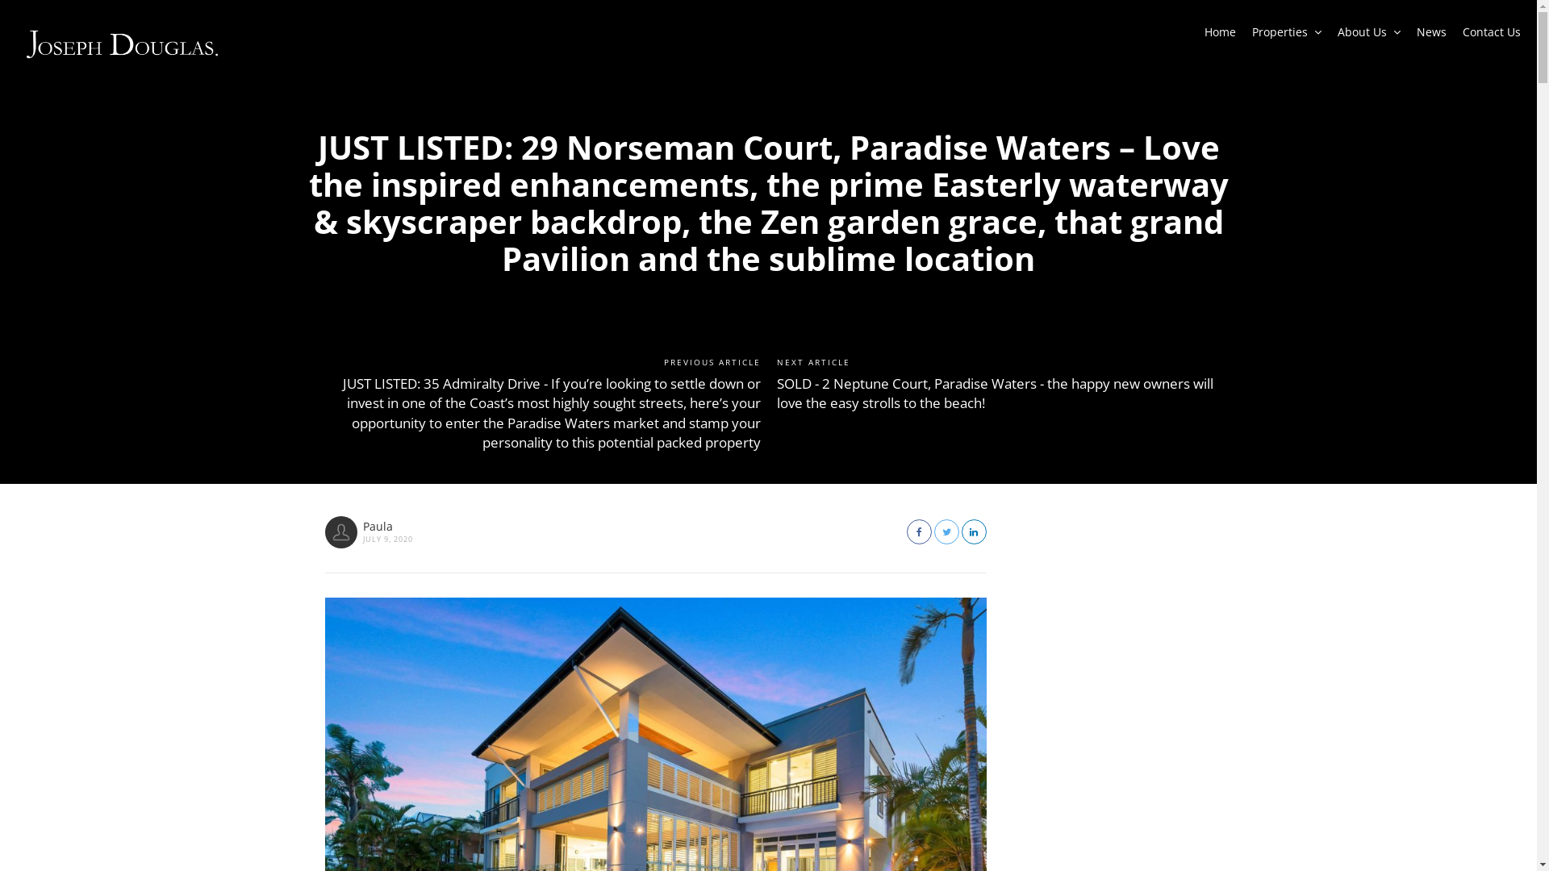 The height and width of the screenshot is (871, 1549). I want to click on 'Contact Us', so click(1490, 36).